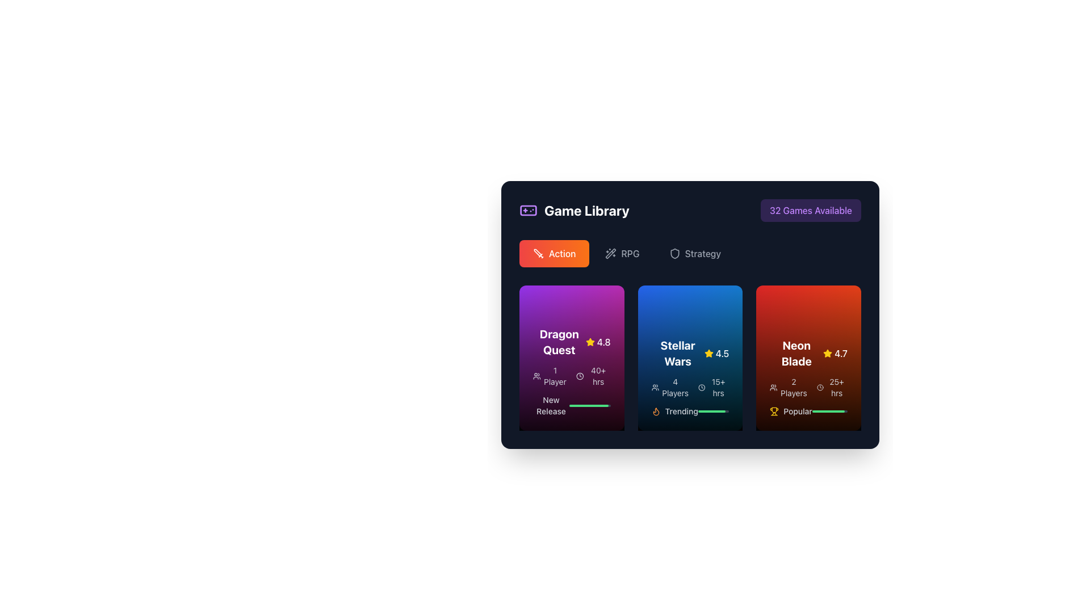  I want to click on the '4 Players' label with icon, which is styled with light gray color on a blue background and positioned below the 'Stellar Wars' card in the 'Player Info' section, so click(670, 387).